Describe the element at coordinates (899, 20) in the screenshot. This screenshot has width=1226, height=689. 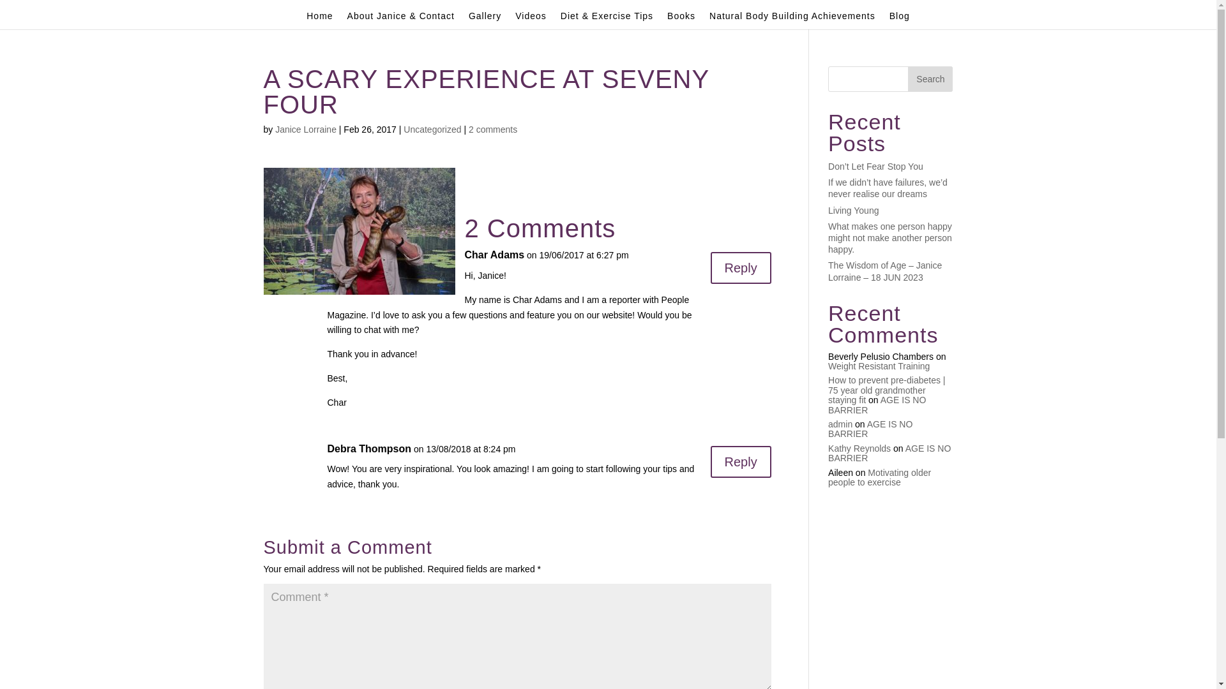
I see `'Blog'` at that location.